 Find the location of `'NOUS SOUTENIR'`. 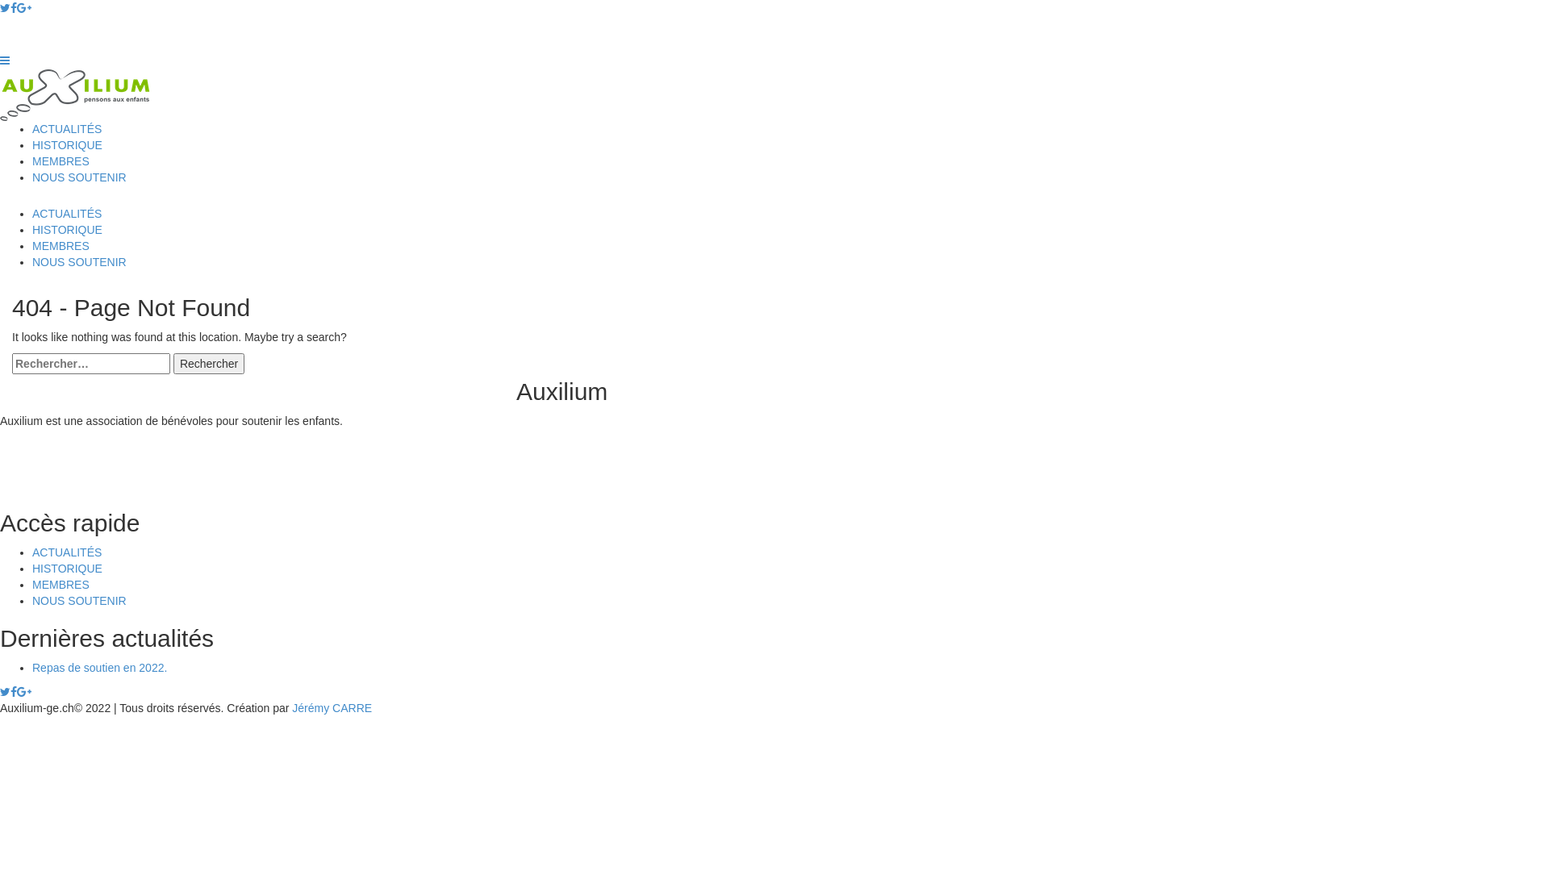

'NOUS SOUTENIR' is located at coordinates (78, 177).